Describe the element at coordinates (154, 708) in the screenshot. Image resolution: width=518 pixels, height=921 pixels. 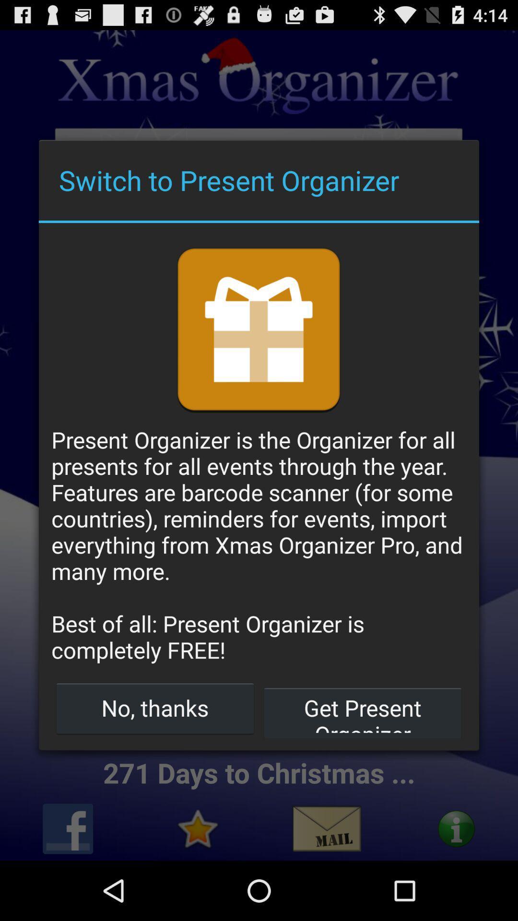
I see `button next to the get present organizer item` at that location.